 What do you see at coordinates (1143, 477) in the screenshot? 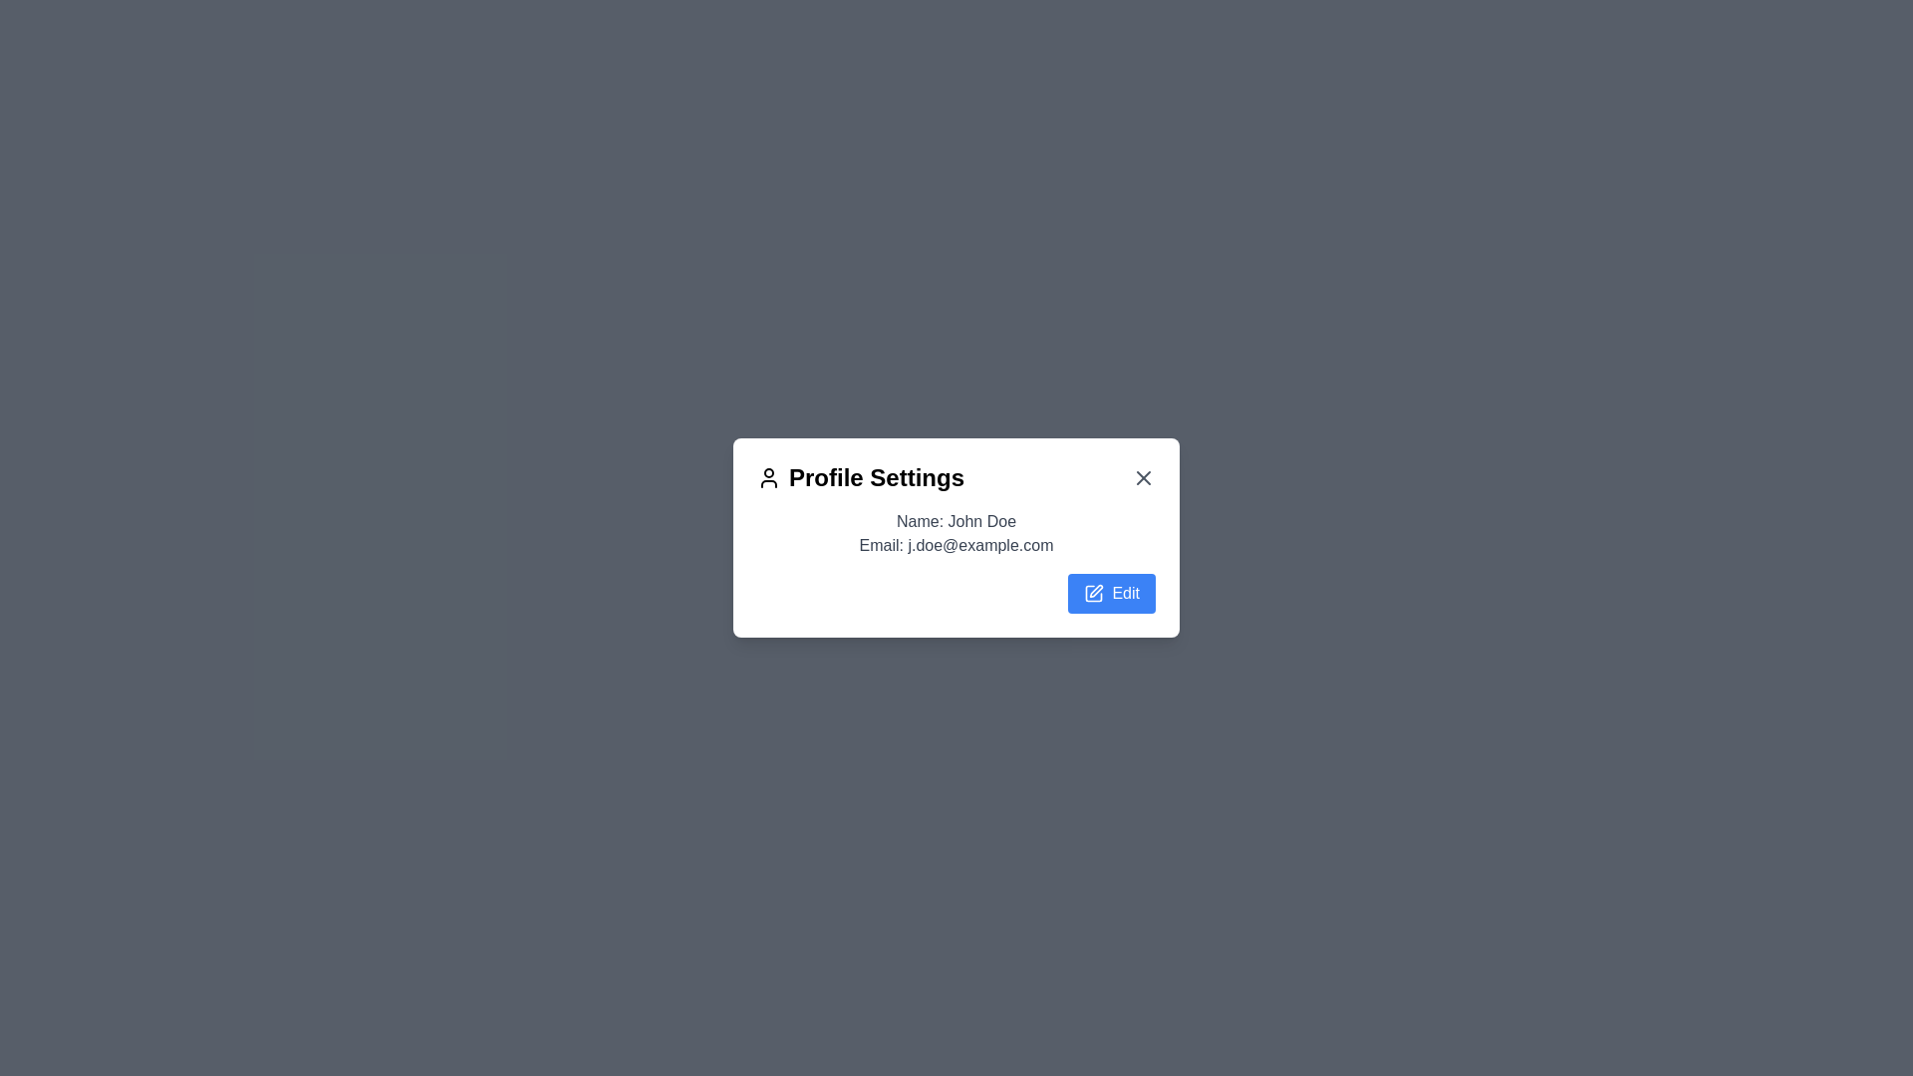
I see `the close icon (X) located at the top-right corner of the 'Profile Settings' modal dialog` at bounding box center [1143, 477].